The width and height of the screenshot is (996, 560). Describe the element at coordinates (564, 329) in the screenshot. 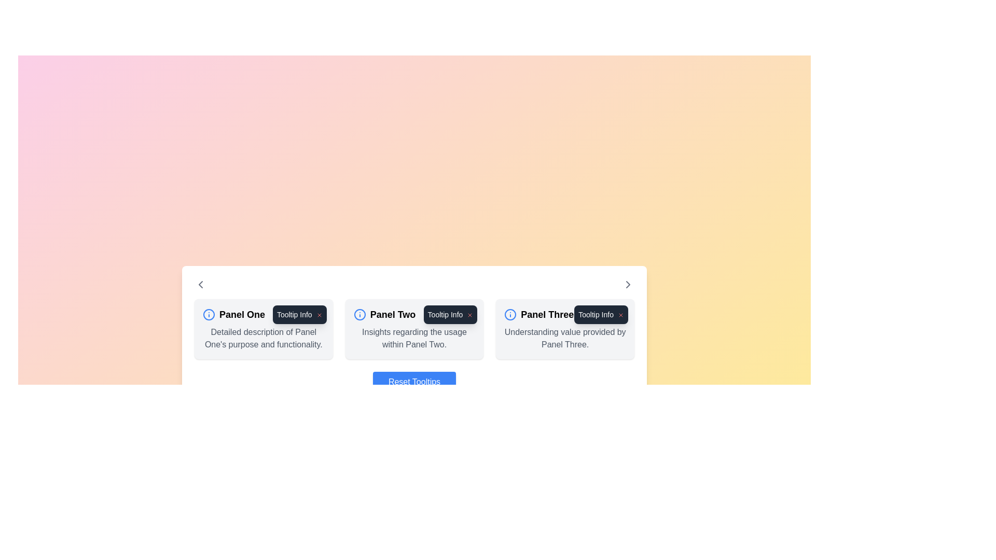

I see `descriptive text from the Information panel titled 'Panel Three', which contains the text 'Understanding value provided by Panel Three.'` at that location.